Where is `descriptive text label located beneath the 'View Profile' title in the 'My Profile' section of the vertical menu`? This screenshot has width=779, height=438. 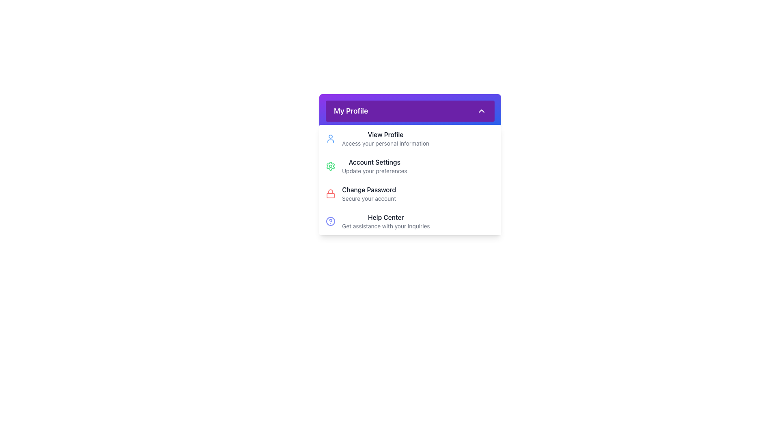 descriptive text label located beneath the 'View Profile' title in the 'My Profile' section of the vertical menu is located at coordinates (385, 143).